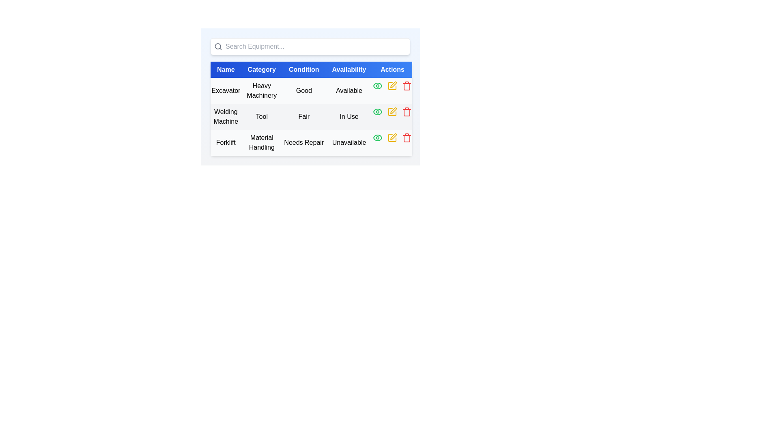  I want to click on the pencil icon button in the 'Actions' column of the last row, so click(392, 137).